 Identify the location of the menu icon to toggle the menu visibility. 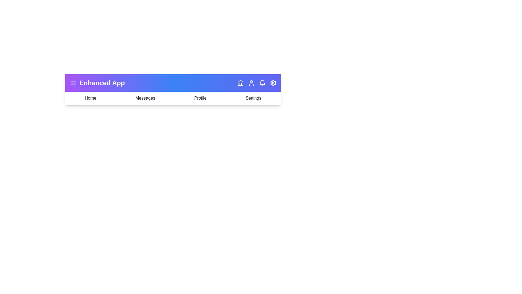
(73, 83).